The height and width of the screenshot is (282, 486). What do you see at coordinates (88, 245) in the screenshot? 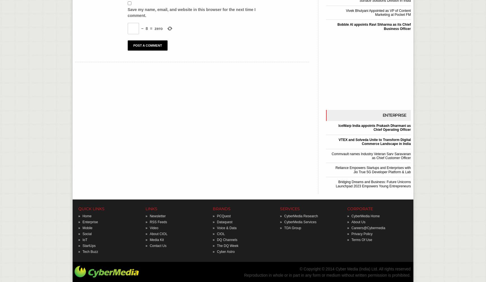
I see `'StartUps'` at bounding box center [88, 245].